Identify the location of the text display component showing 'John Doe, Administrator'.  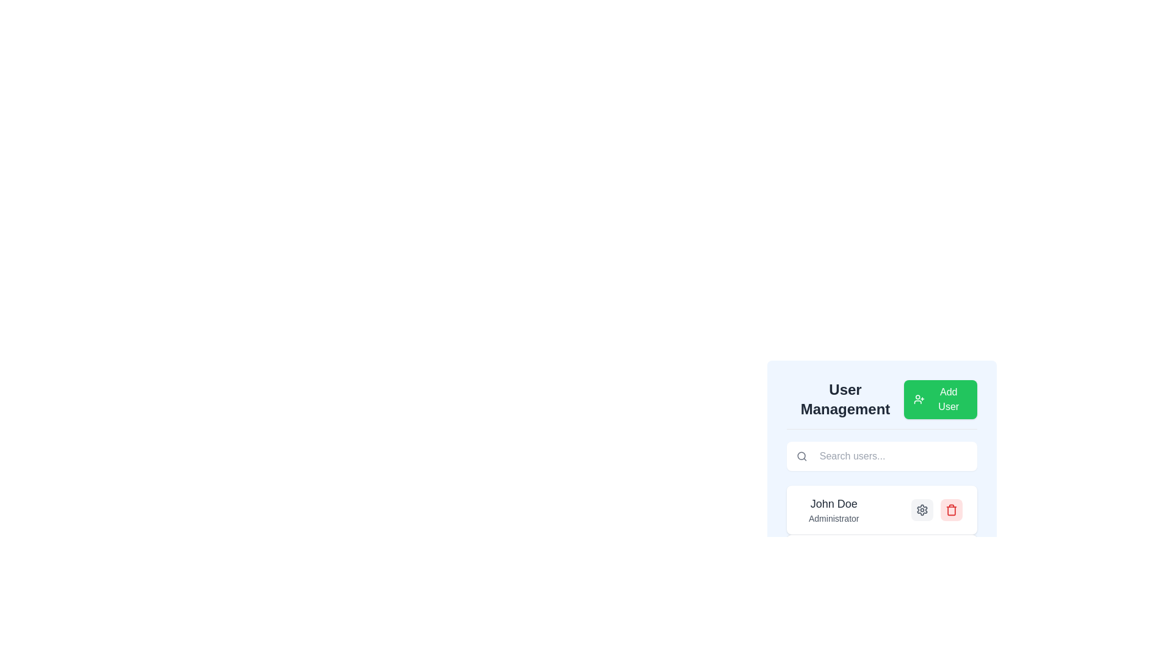
(833, 510).